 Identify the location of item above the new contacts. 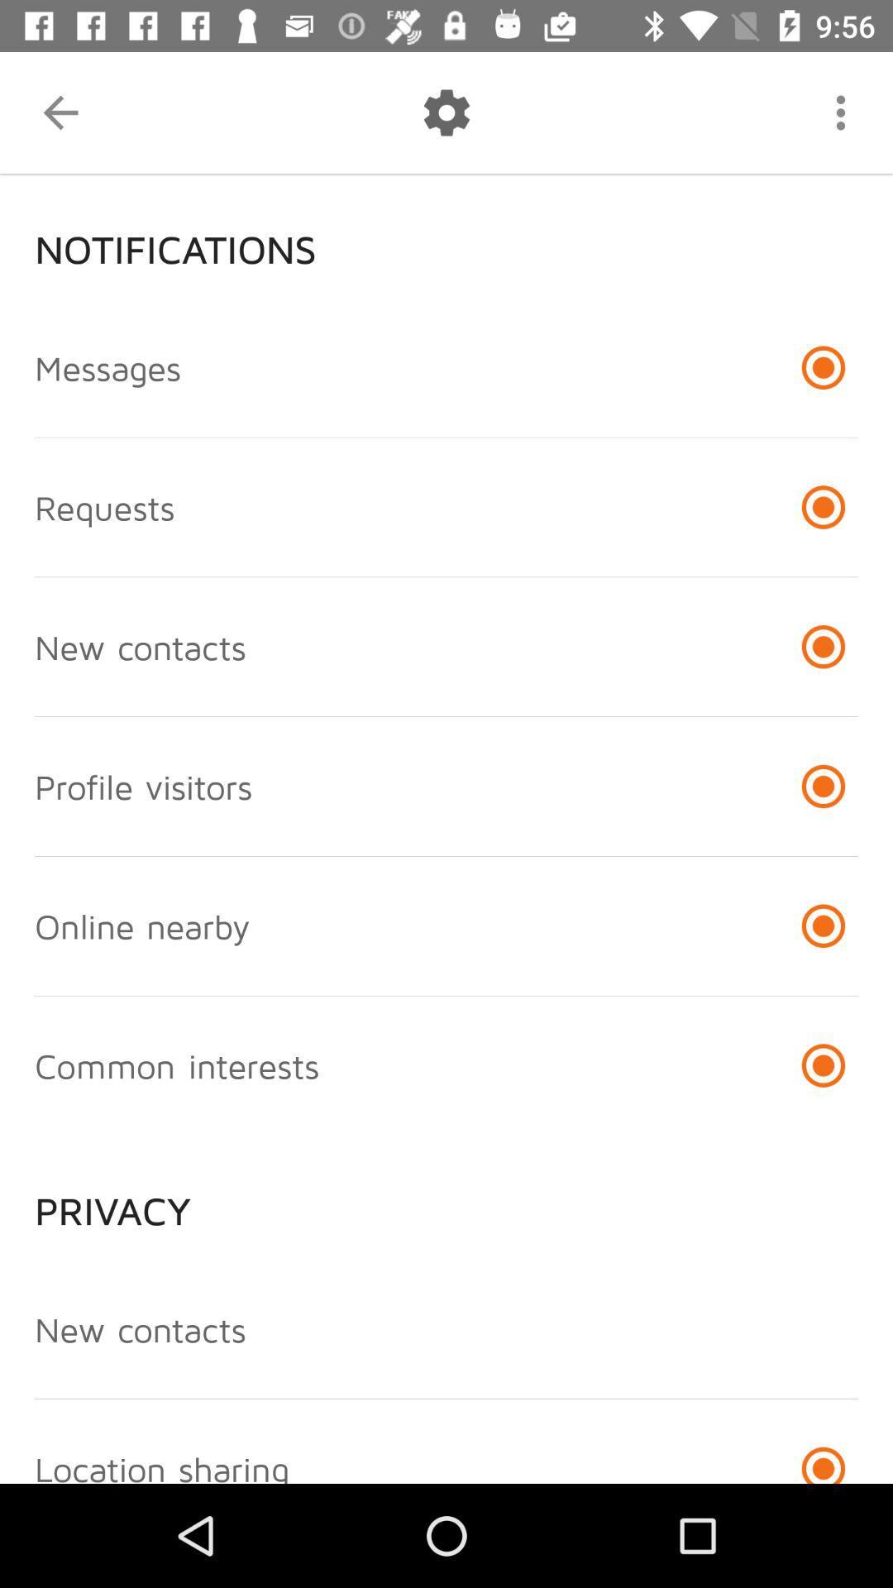
(446, 1197).